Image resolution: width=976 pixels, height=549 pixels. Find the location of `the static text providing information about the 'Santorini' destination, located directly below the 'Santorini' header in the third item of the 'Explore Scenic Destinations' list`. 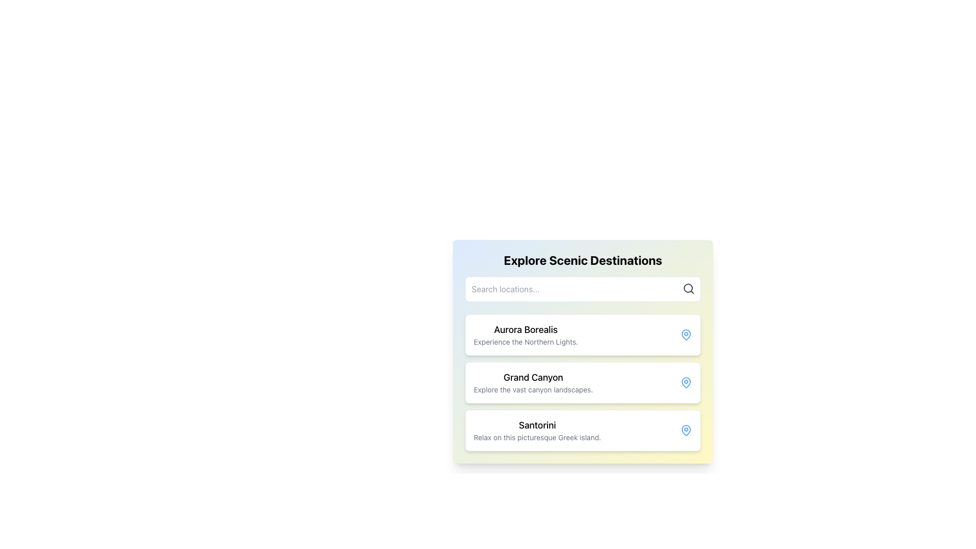

the static text providing information about the 'Santorini' destination, located directly below the 'Santorini' header in the third item of the 'Explore Scenic Destinations' list is located at coordinates (537, 437).